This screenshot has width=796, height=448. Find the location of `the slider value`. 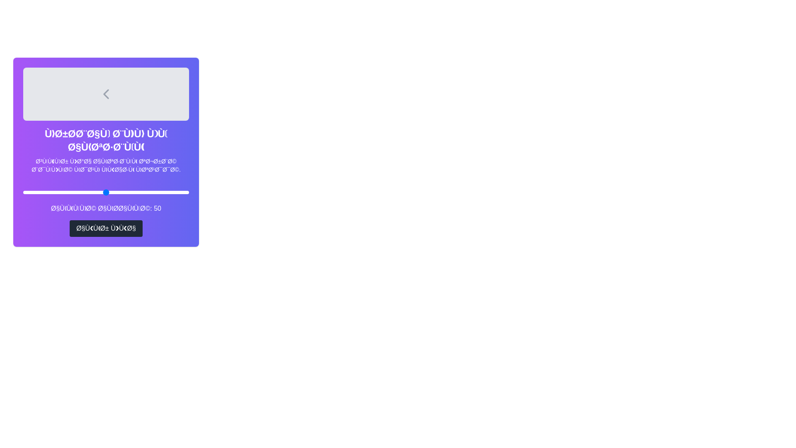

the slider value is located at coordinates (117, 192).